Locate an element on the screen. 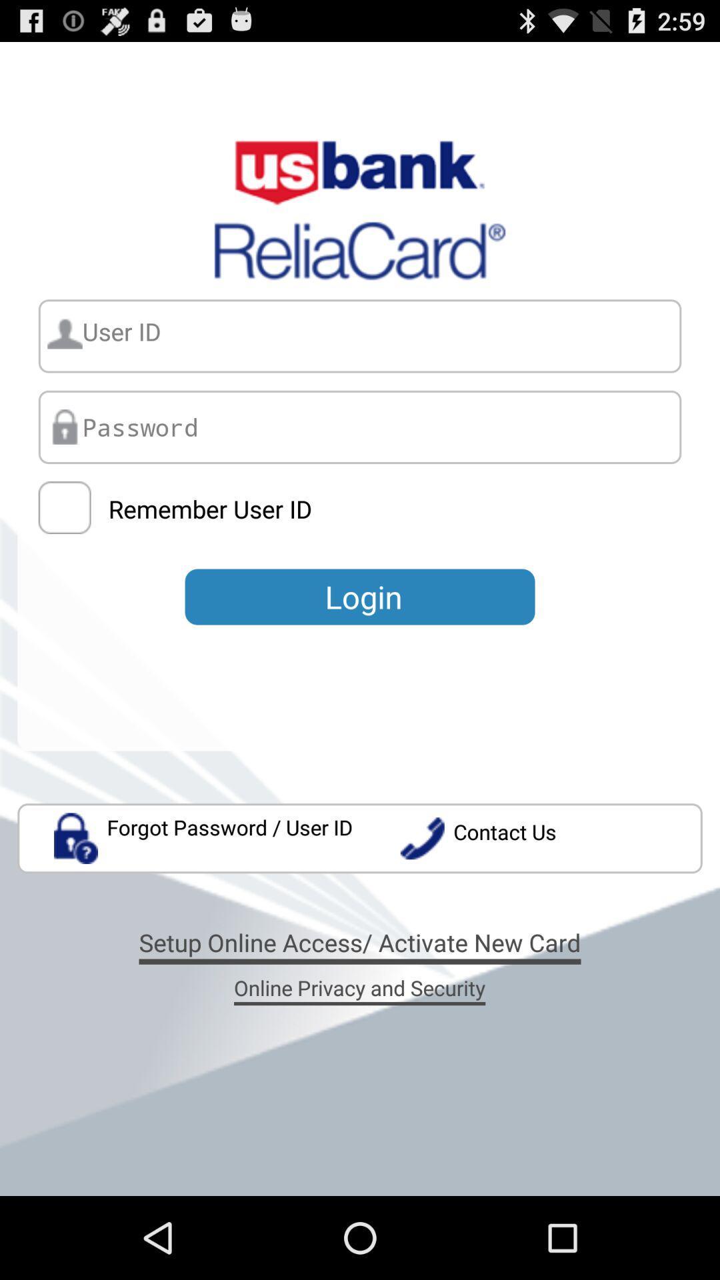 The width and height of the screenshot is (720, 1280). the app next to the forgot password user app is located at coordinates (551, 837).